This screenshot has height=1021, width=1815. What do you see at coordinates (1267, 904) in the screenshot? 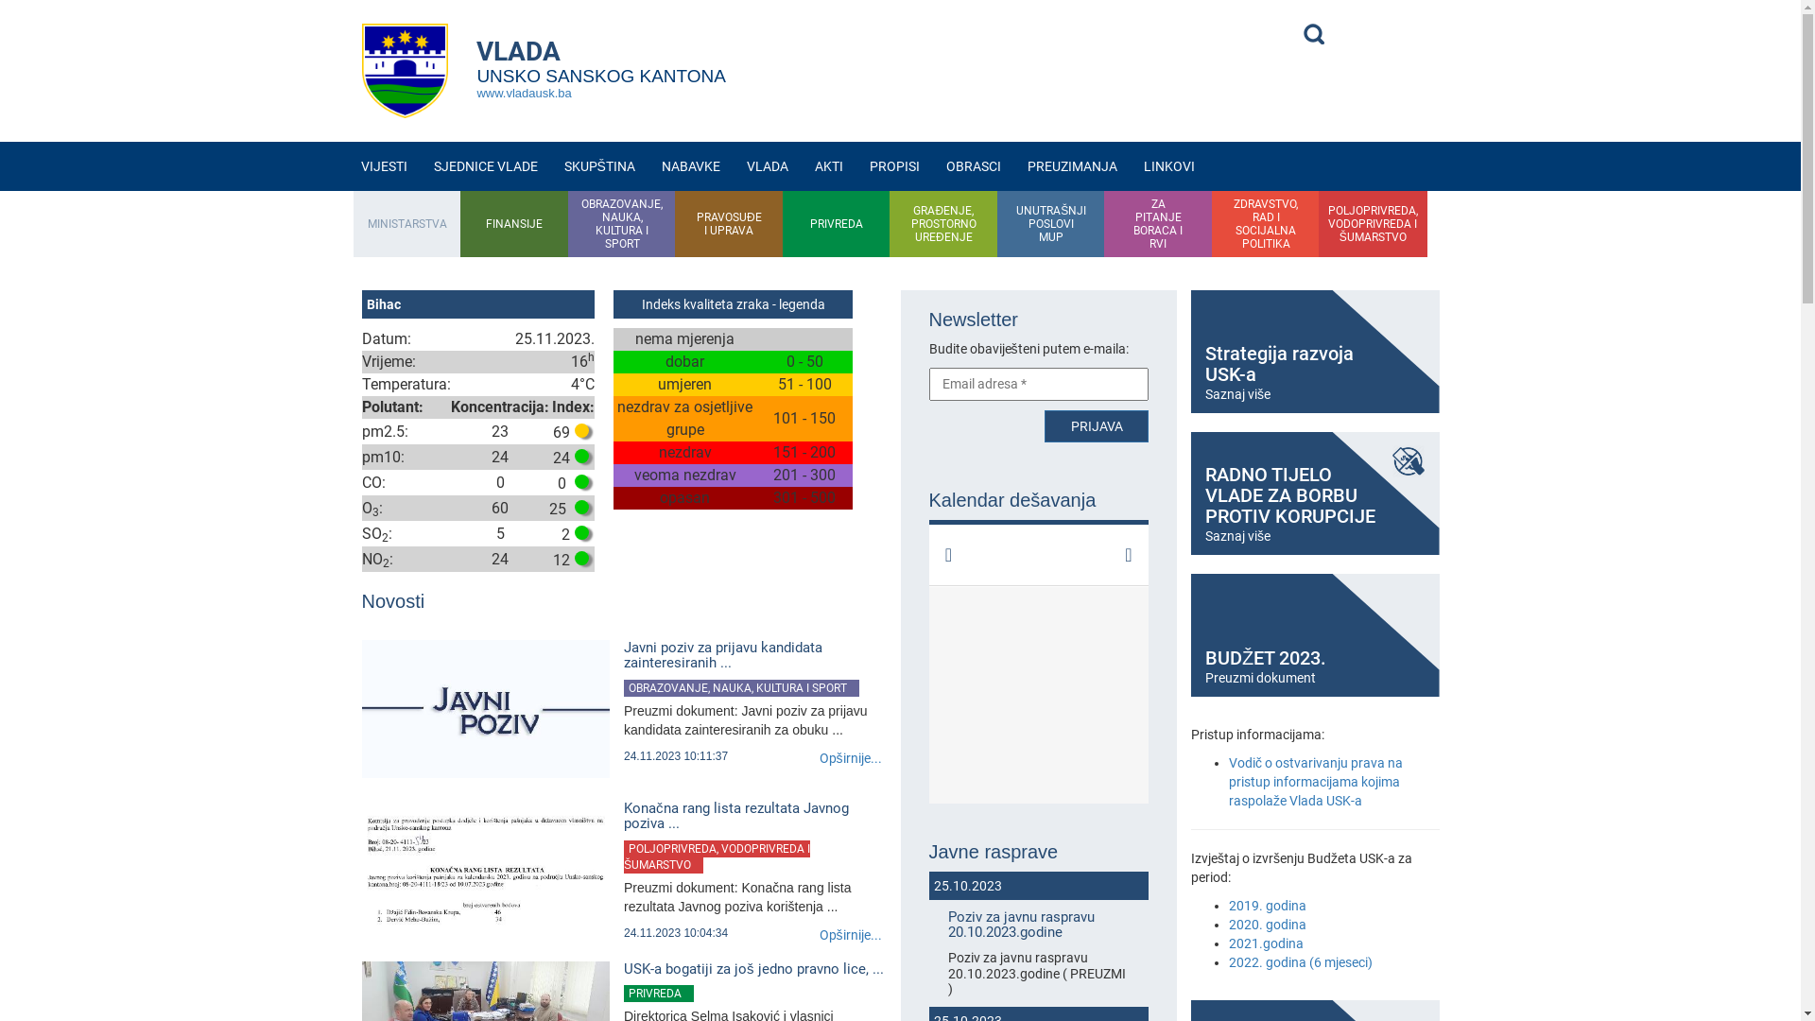
I see `'2019. godina'` at bounding box center [1267, 904].